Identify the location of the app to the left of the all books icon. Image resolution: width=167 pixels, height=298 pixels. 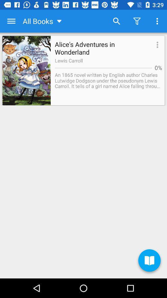
(11, 21).